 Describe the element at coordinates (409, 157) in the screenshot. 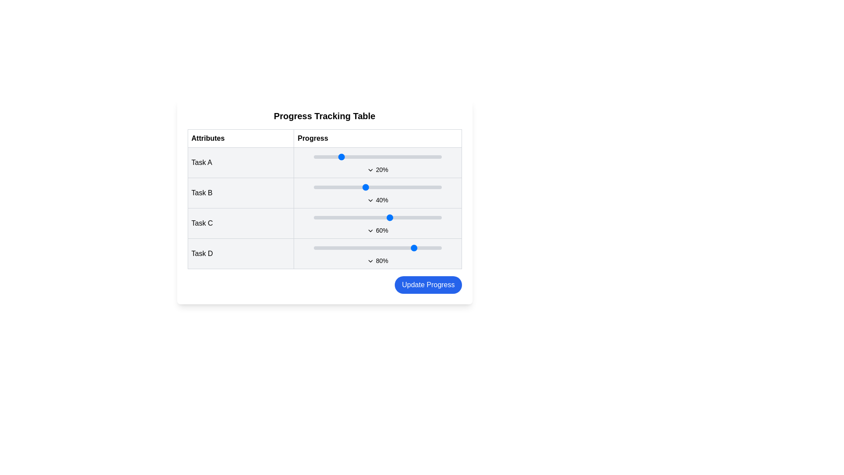

I see `the slider value` at that location.